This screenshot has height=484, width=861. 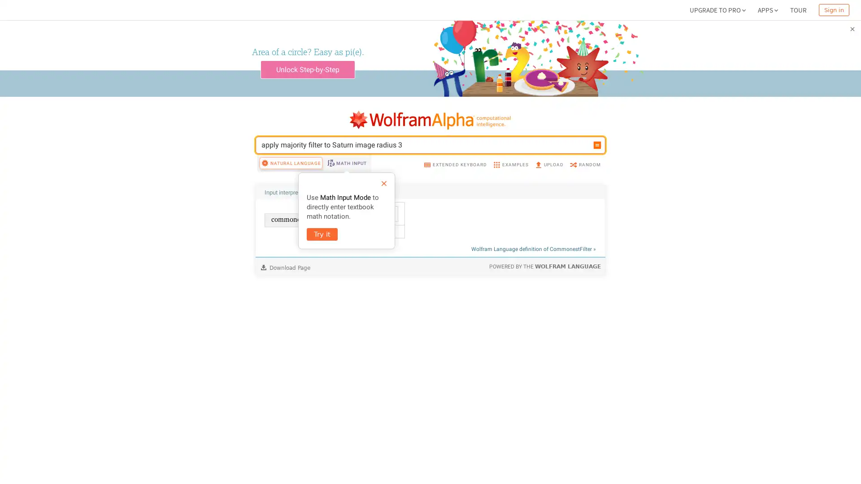 What do you see at coordinates (346, 180) in the screenshot?
I see `MATH INPUT` at bounding box center [346, 180].